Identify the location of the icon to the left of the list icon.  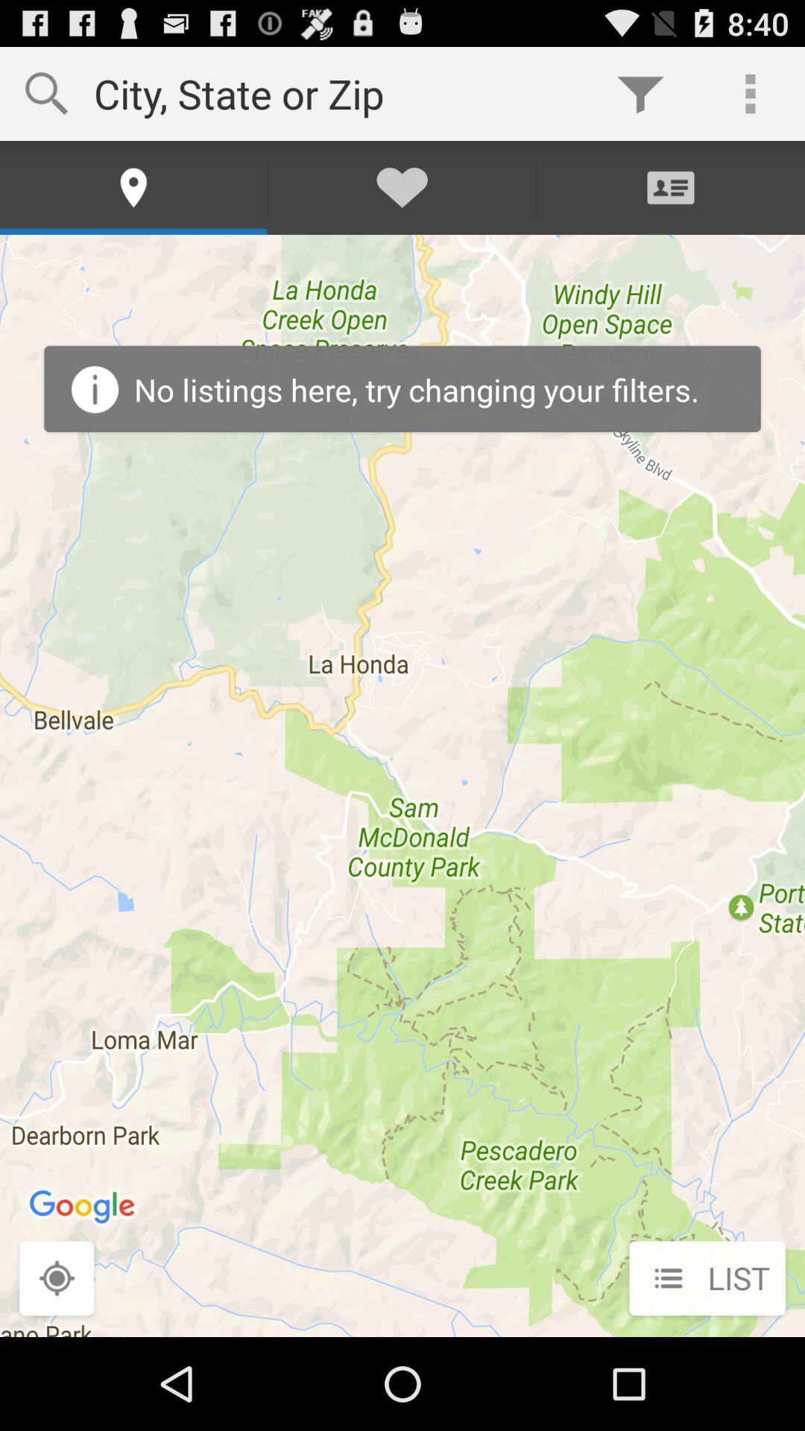
(56, 1279).